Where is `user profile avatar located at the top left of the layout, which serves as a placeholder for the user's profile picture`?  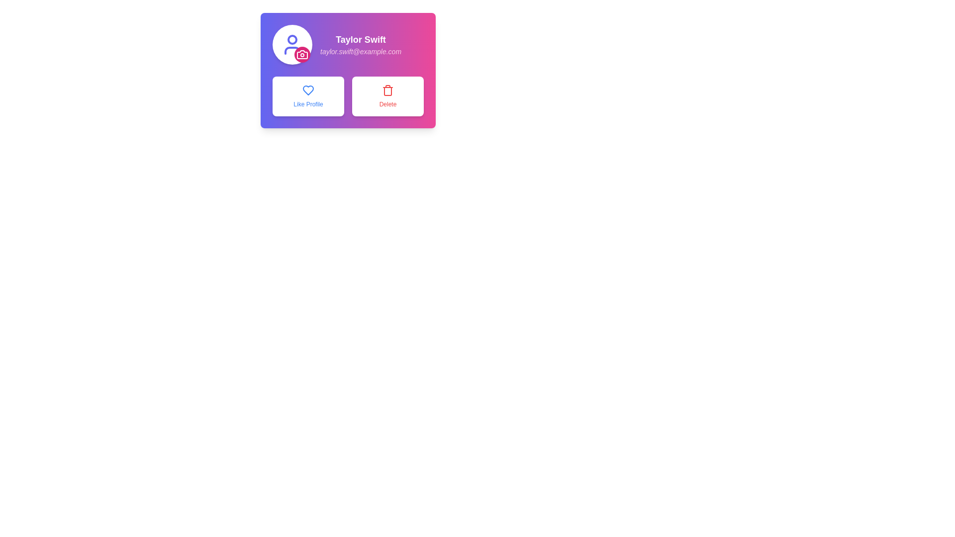 user profile avatar located at the top left of the layout, which serves as a placeholder for the user's profile picture is located at coordinates (292, 44).